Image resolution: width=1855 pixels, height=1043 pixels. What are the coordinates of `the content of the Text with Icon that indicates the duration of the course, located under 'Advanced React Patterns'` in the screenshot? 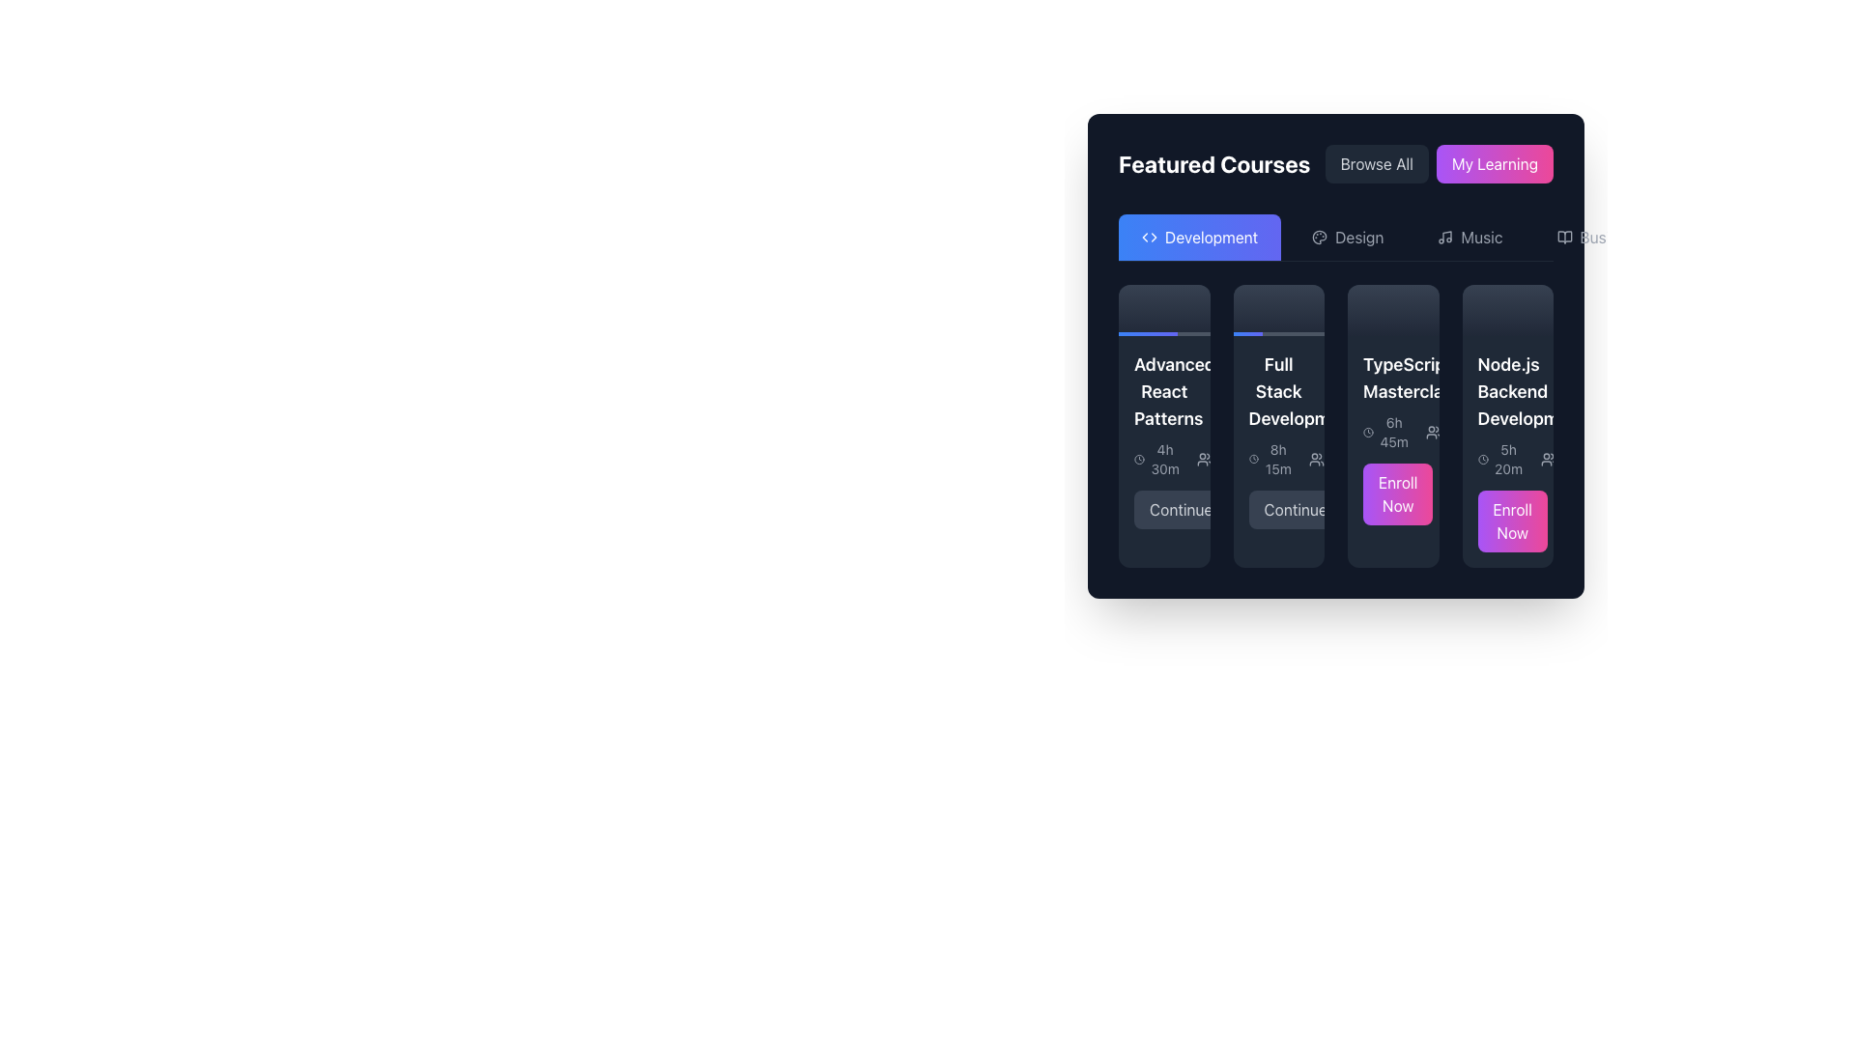 It's located at (1162, 459).